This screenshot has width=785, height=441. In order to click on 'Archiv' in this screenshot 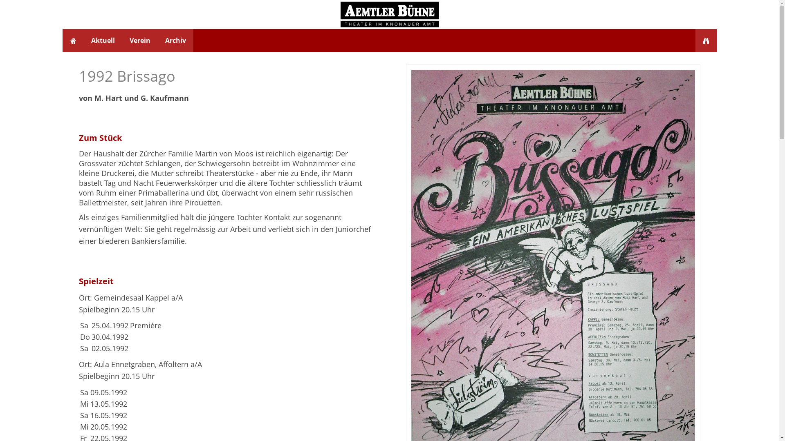, I will do `click(157, 40)`.